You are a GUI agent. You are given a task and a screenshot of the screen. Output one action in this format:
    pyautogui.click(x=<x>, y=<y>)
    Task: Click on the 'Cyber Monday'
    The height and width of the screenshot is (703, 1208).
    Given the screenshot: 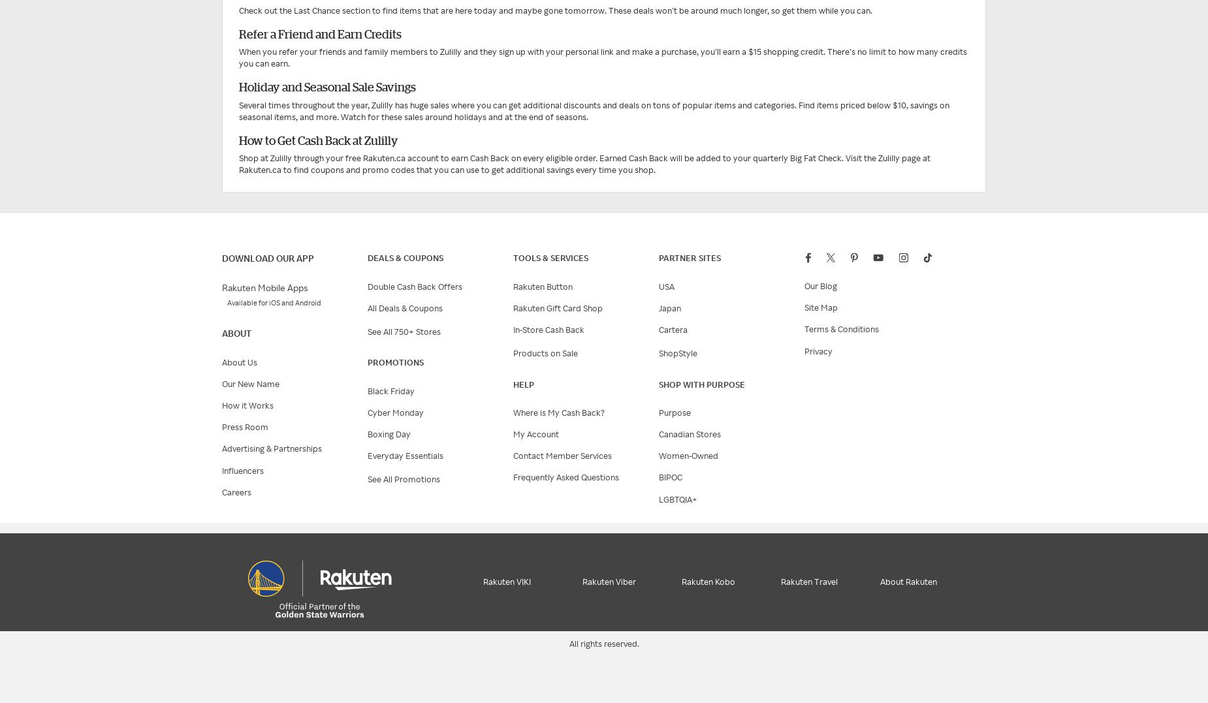 What is the action you would take?
    pyautogui.click(x=396, y=412)
    